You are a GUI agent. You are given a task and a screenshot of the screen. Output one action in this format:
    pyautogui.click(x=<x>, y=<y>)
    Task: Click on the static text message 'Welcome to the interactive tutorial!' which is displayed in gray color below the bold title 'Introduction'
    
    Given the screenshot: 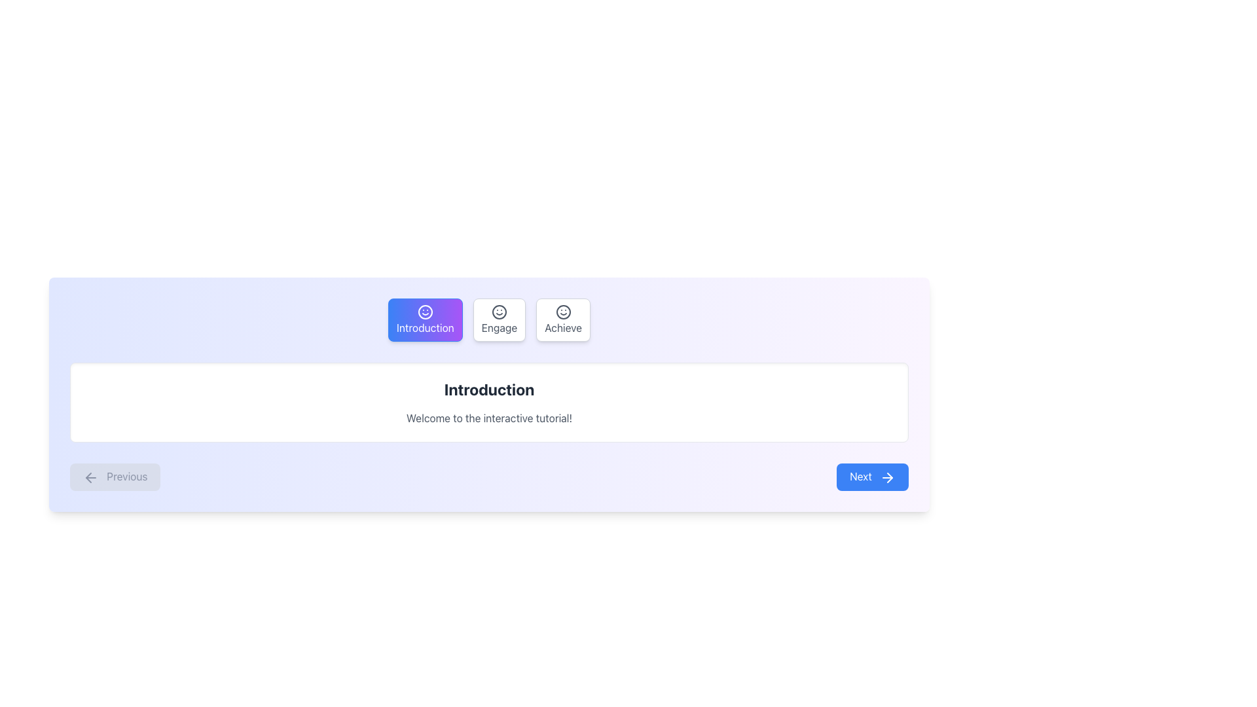 What is the action you would take?
    pyautogui.click(x=488, y=418)
    